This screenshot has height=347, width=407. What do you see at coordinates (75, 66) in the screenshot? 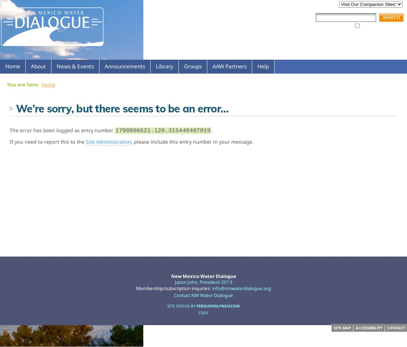
I see `'News & Events'` at bounding box center [75, 66].